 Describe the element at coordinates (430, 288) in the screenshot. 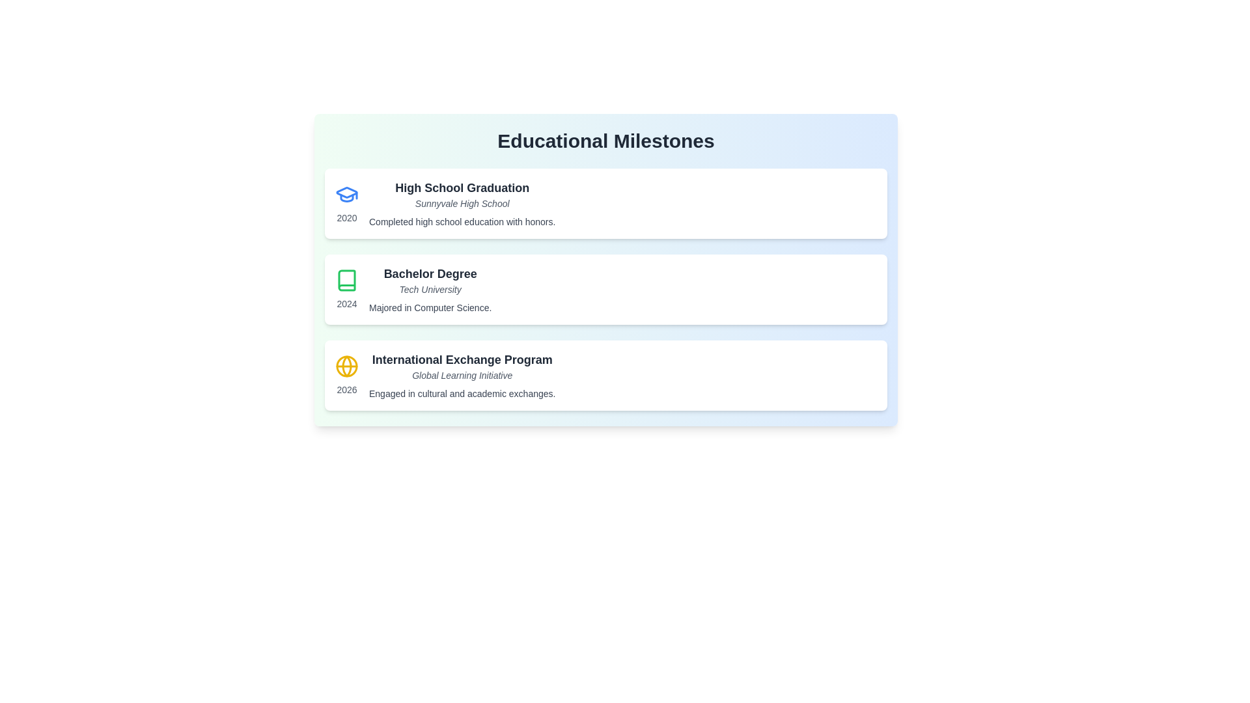

I see `the static text element displaying 'Tech University', which is styled in italic and light gray, positioned below the 'Bachelor Degree' title and above 'Majored in Computer Science'` at that location.